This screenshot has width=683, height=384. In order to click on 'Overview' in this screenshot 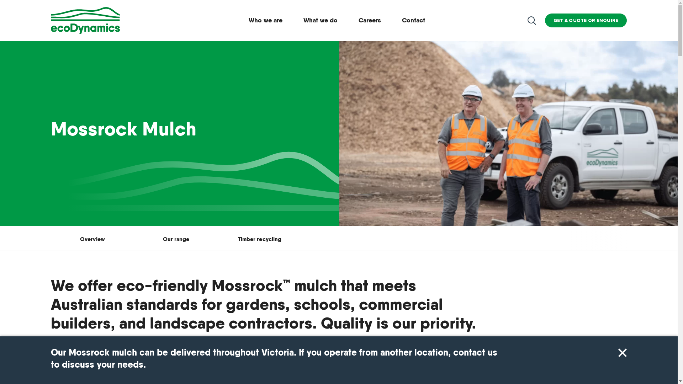, I will do `click(92, 239)`.